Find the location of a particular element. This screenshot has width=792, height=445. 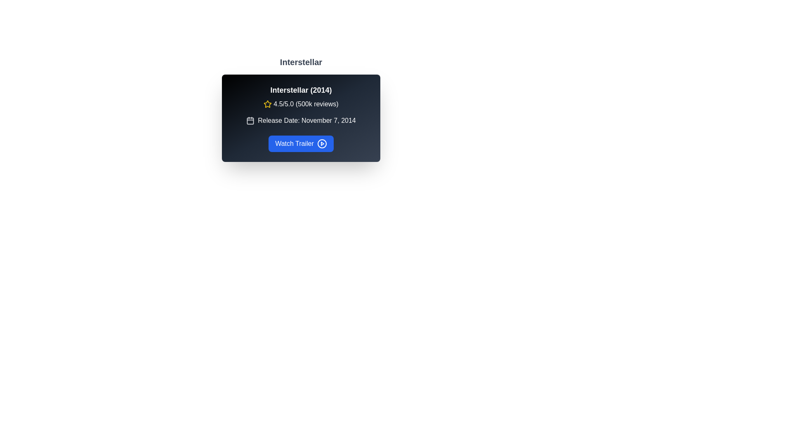

the button that initiates the trailer for the movie 'Interstellar', located at the bottom of the movie details card below the 'Release Date: November 7, 2014' text is located at coordinates (300, 143).